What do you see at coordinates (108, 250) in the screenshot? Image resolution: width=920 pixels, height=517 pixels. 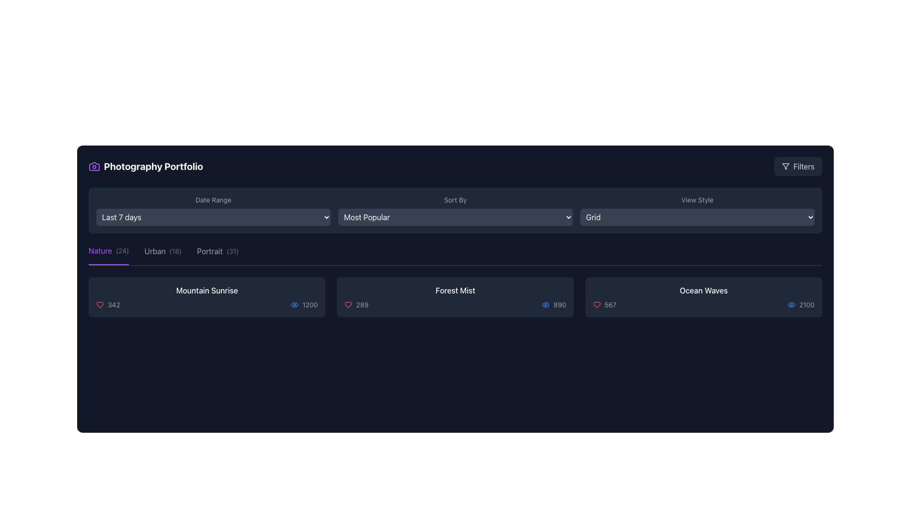 I see `the 'Nature' filter option, which is the first item in the horizontal menu and is currently active with an underline beneath it` at bounding box center [108, 250].